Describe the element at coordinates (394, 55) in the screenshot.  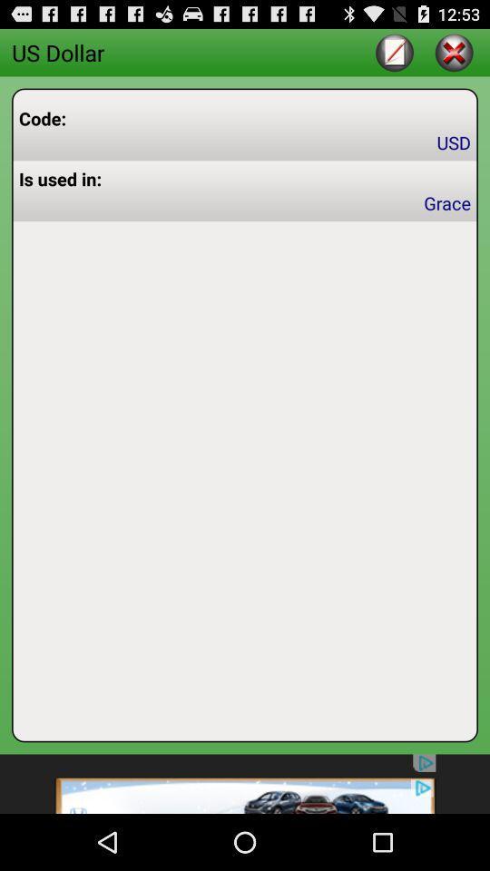
I see `the edit icon` at that location.